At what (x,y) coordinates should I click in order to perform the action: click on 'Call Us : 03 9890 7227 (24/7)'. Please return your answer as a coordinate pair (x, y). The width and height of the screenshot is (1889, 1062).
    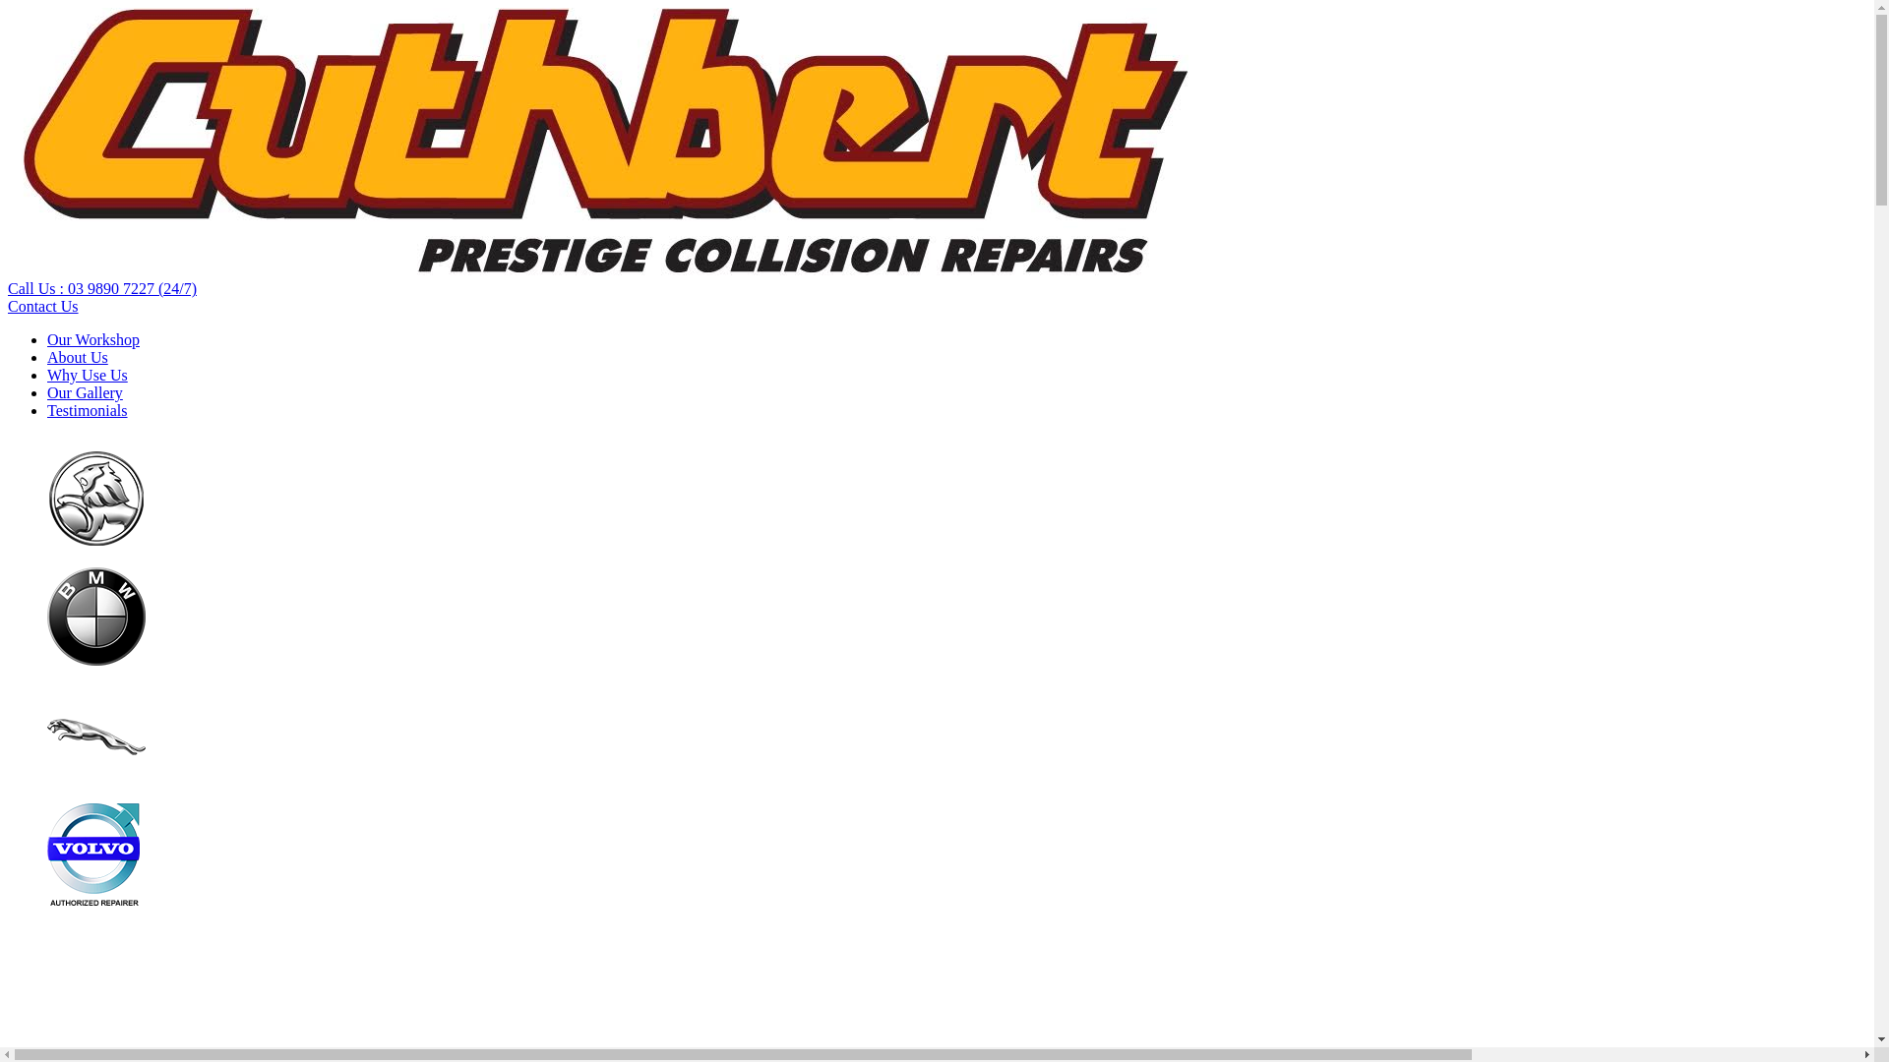
    Looking at the image, I should click on (8, 288).